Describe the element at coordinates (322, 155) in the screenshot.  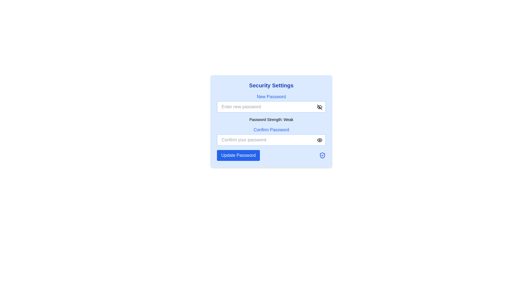
I see `the safety feature icon located in the bottom right corner of the 'Security Settings' modal, next to the 'Update Password' button` at that location.